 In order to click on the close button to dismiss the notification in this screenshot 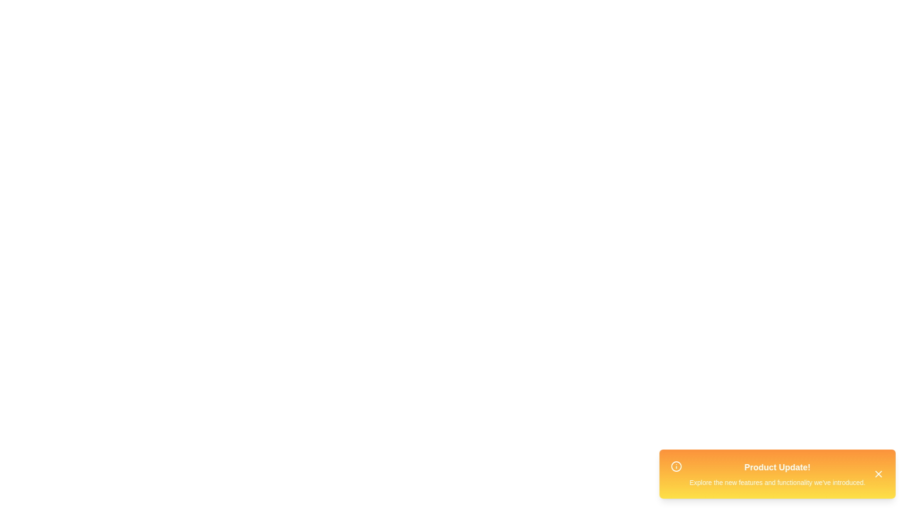, I will do `click(878, 474)`.